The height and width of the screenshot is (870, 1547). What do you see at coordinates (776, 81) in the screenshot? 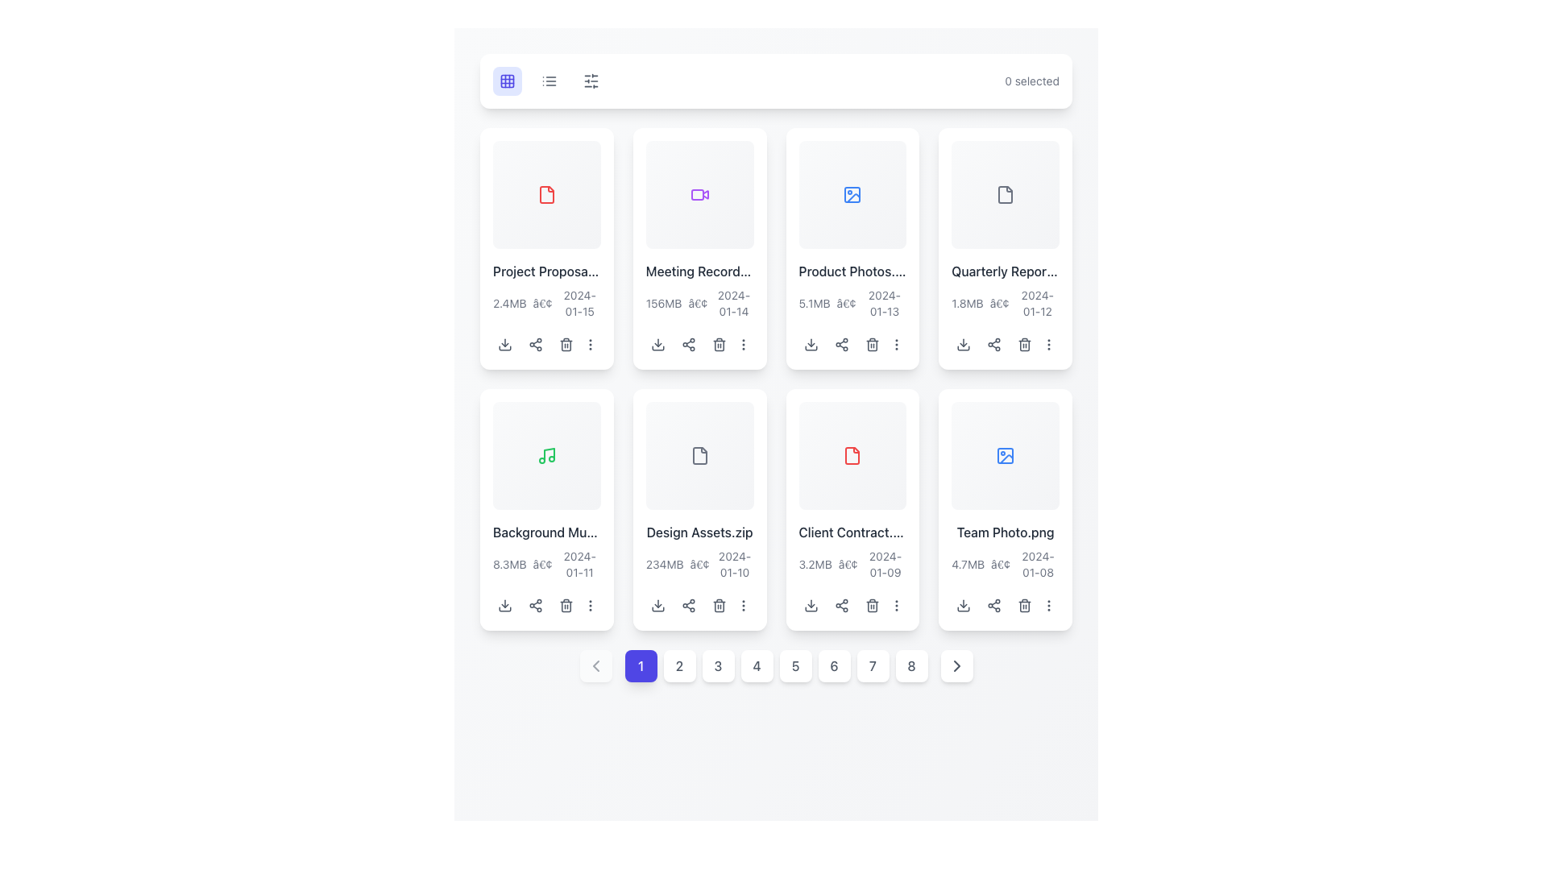
I see `the toolbar at the top of the interface that displays '0 selected'` at bounding box center [776, 81].